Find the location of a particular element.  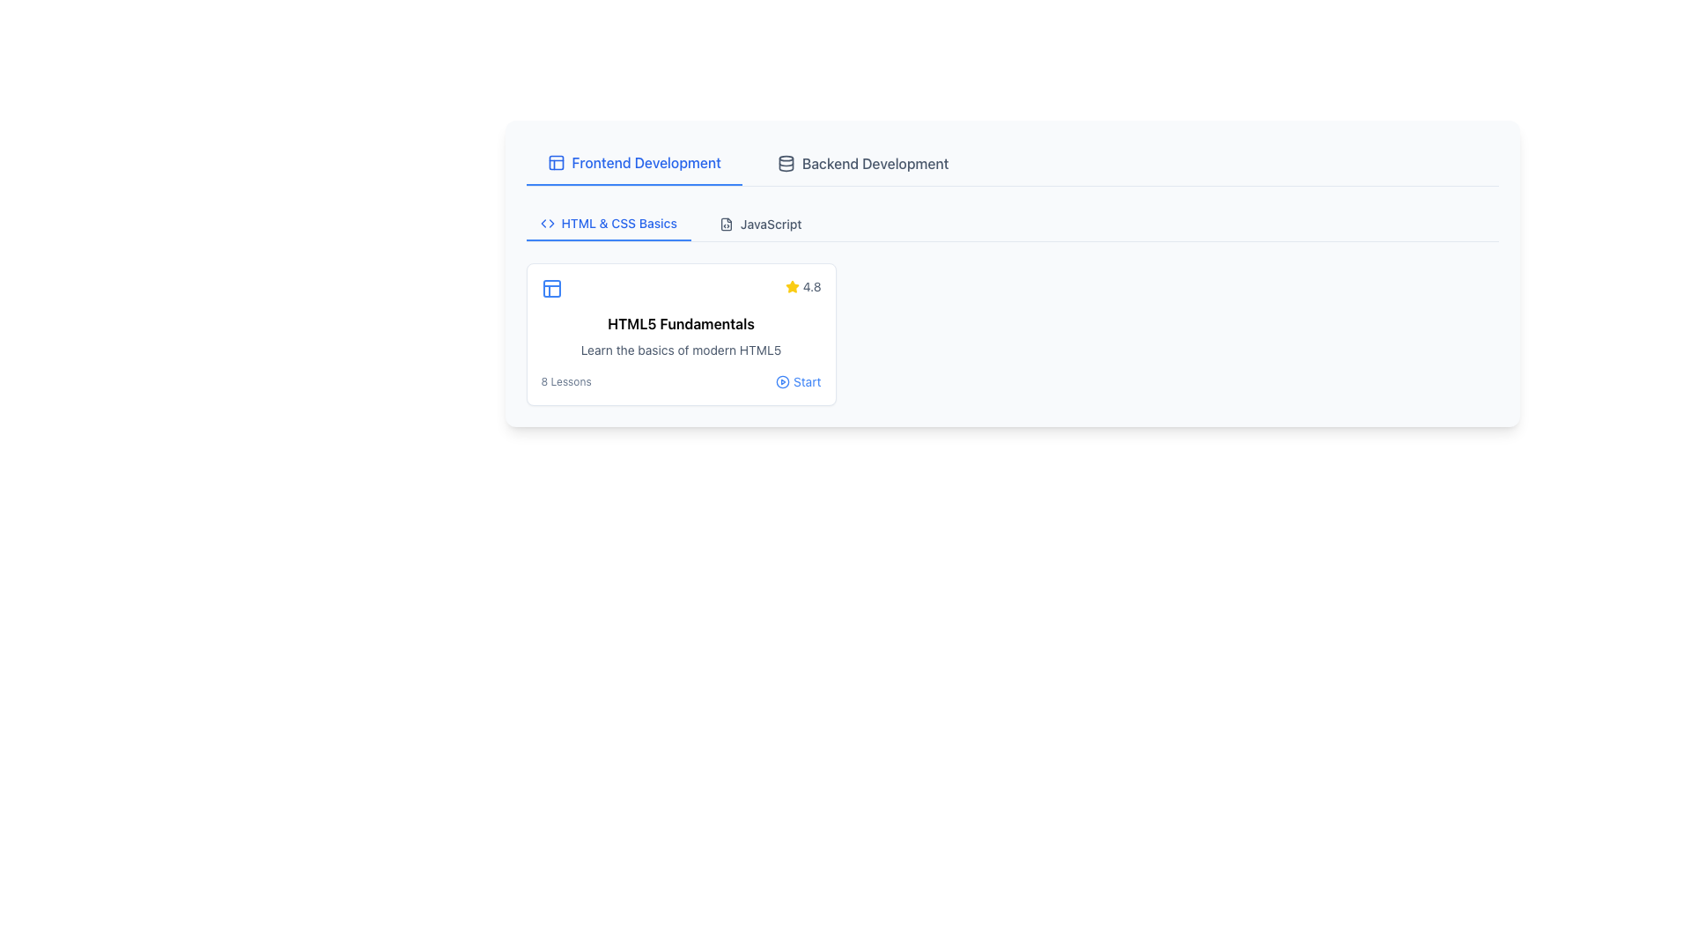

the 16x16 pixel SVG icon resembling a file with a code symbol, located to the right of the 'JavaScript' tab in the navigation bar is located at coordinates (726, 223).